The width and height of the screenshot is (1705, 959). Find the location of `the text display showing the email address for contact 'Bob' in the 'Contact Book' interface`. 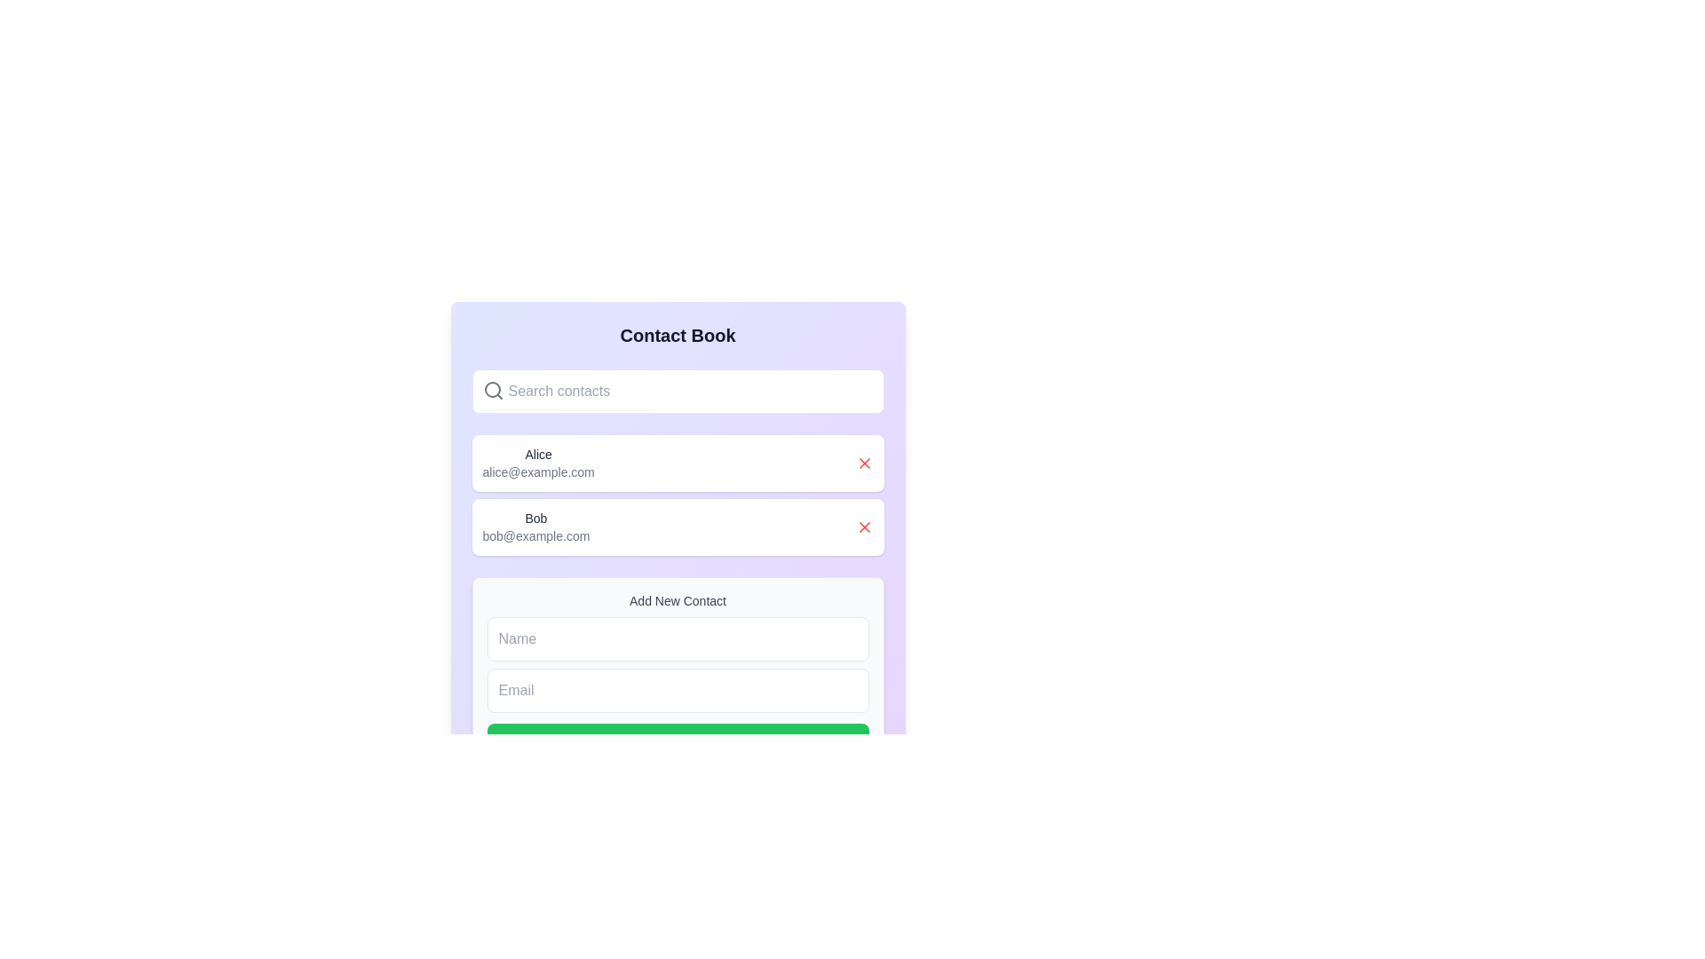

the text display showing the email address for contact 'Bob' in the 'Contact Book' interface is located at coordinates (535, 535).